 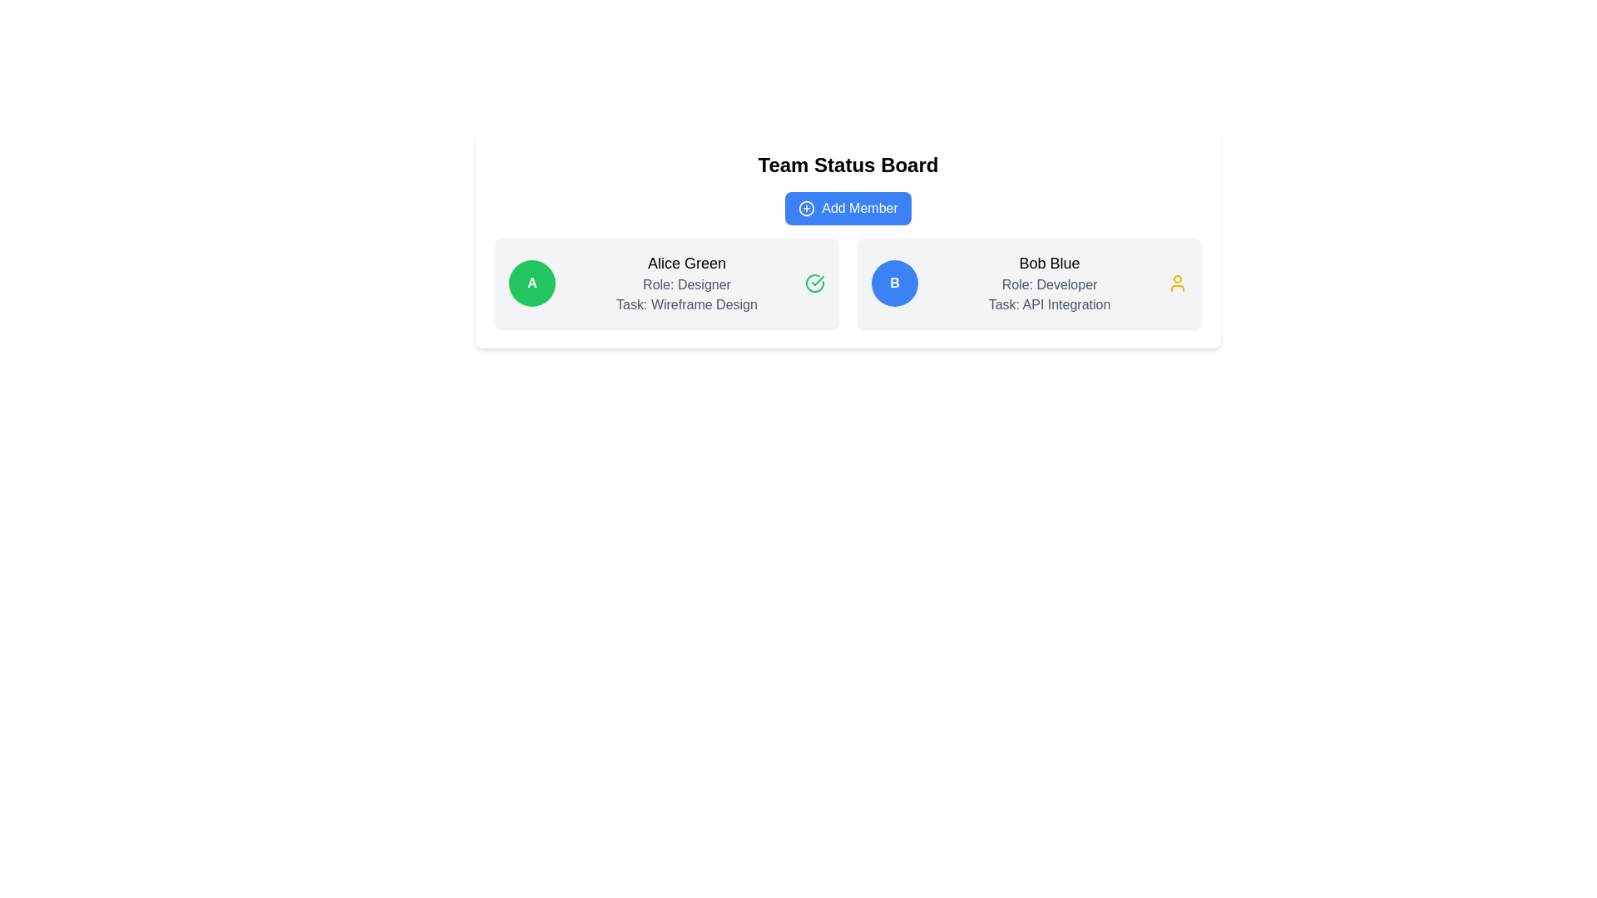 What do you see at coordinates (818, 280) in the screenshot?
I see `the small green checkmark icon located in the upper-right corner of the section labeled 'Alice Green', which is part of a circular SVG graphic` at bounding box center [818, 280].